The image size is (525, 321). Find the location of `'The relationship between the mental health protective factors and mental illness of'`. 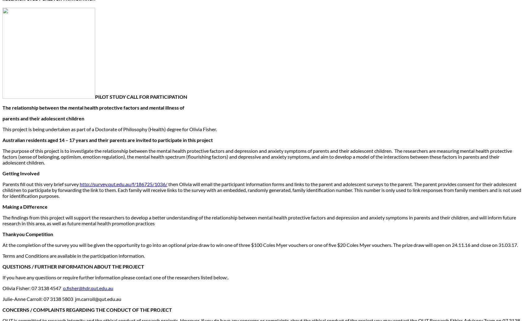

'The relationship between the mental health protective factors and mental illness of' is located at coordinates (2, 107).